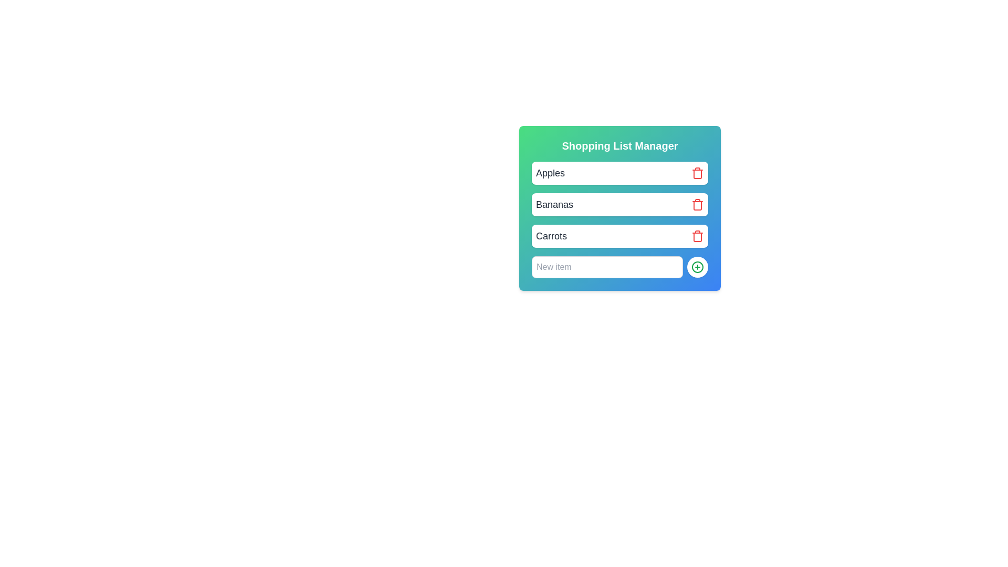 Image resolution: width=1008 pixels, height=567 pixels. I want to click on delete button next to the item labeled 'Carrots' to remove it from the list, so click(698, 236).